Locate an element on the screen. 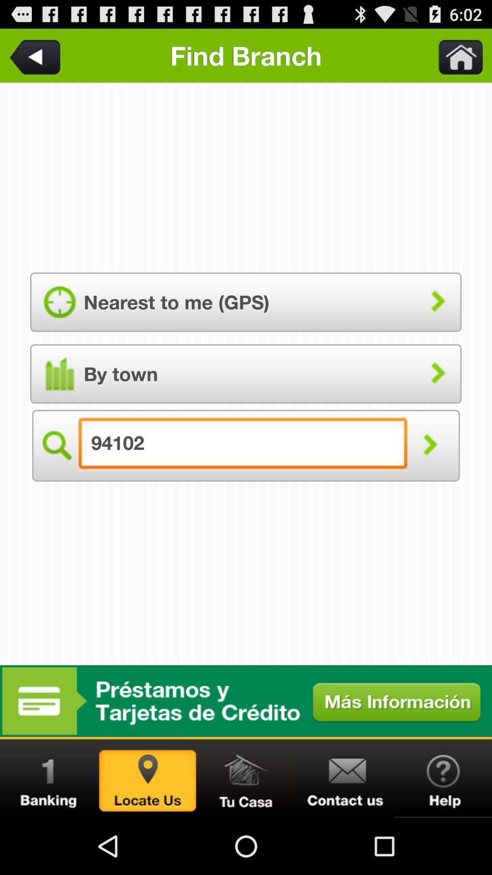 Image resolution: width=492 pixels, height=875 pixels. click home icon is located at coordinates (455, 55).